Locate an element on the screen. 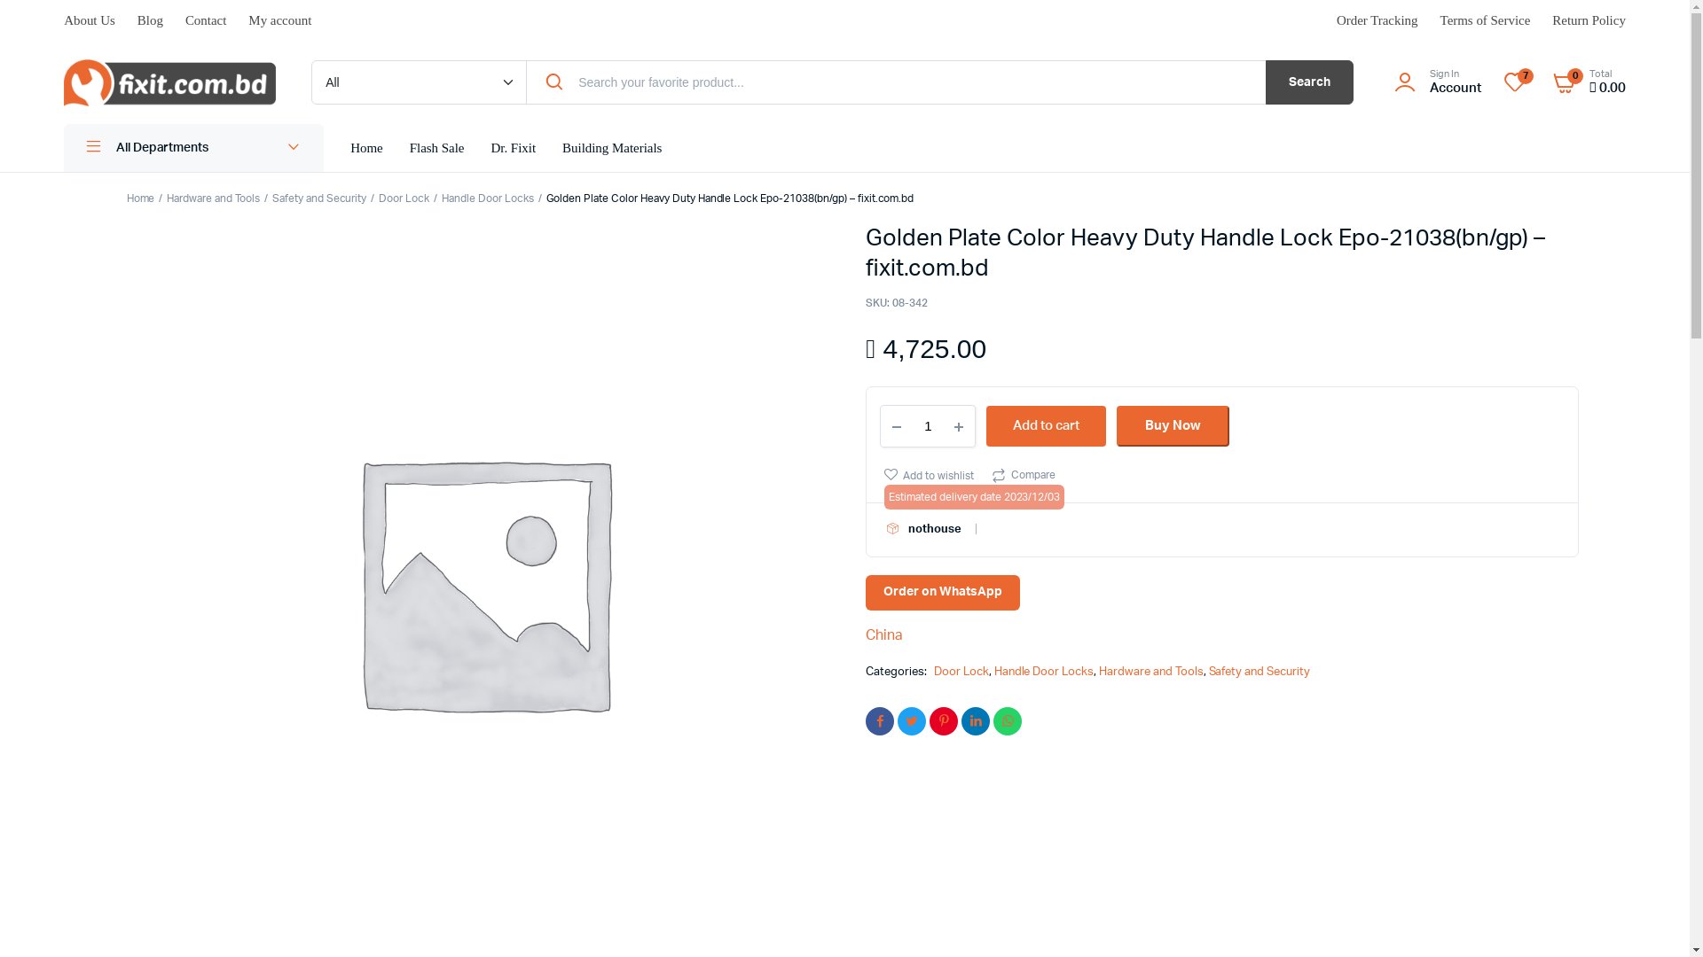 The image size is (1703, 957). 'Fixit Online Shop' is located at coordinates (64, 82).